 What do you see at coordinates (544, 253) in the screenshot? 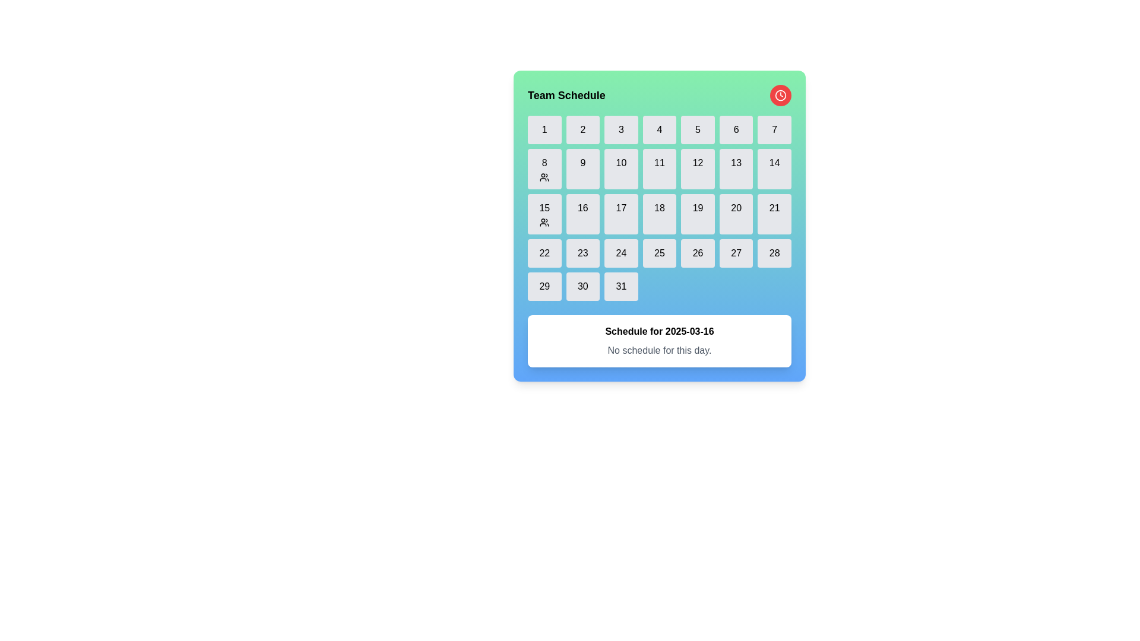
I see `the rounded rectangular button displaying the number '22' in bold black font` at bounding box center [544, 253].